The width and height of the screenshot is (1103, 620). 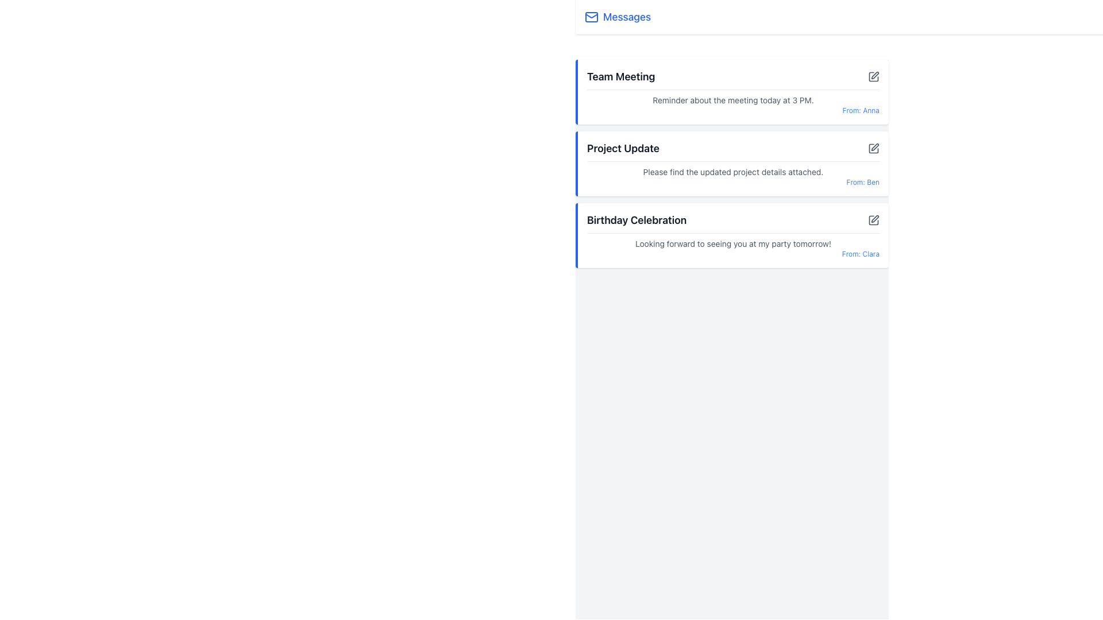 What do you see at coordinates (873, 220) in the screenshot?
I see `the edit button located` at bounding box center [873, 220].